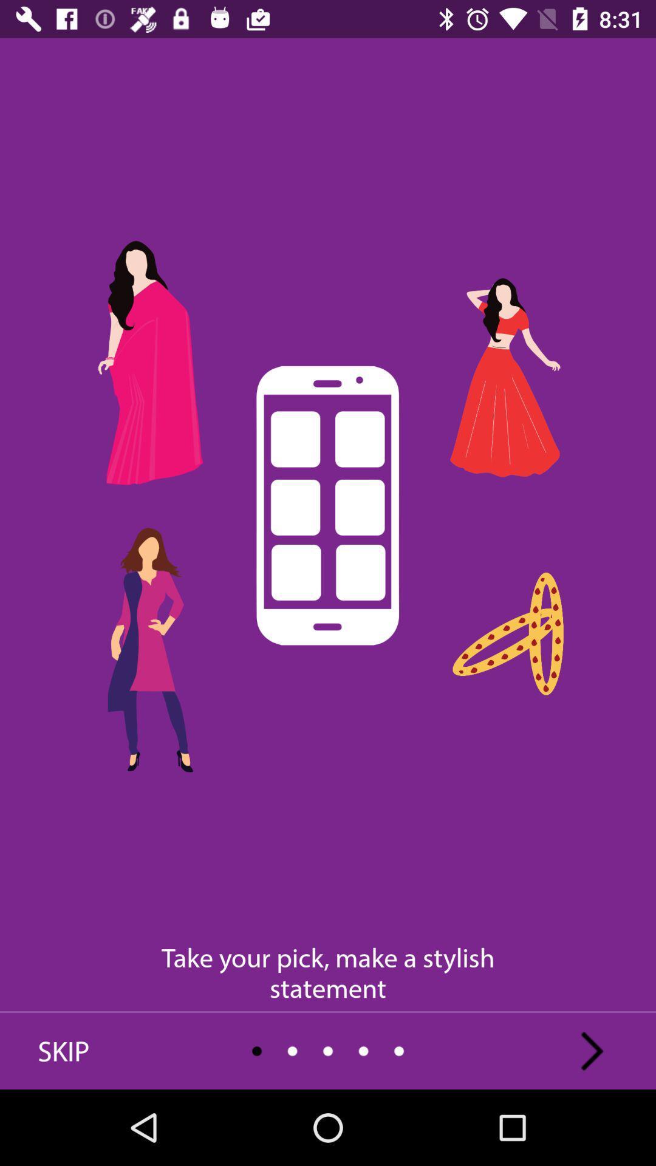 The image size is (656, 1166). Describe the element at coordinates (63, 1051) in the screenshot. I see `the skip icon` at that location.